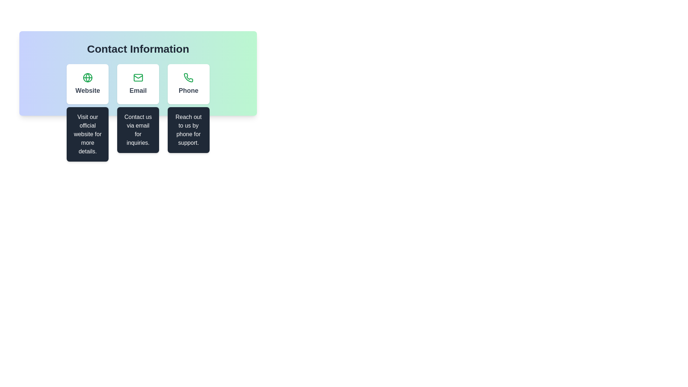 This screenshot has height=387, width=688. I want to click on the first button in the row layout that serves as a navigation item to direct users to the official website, so click(87, 84).